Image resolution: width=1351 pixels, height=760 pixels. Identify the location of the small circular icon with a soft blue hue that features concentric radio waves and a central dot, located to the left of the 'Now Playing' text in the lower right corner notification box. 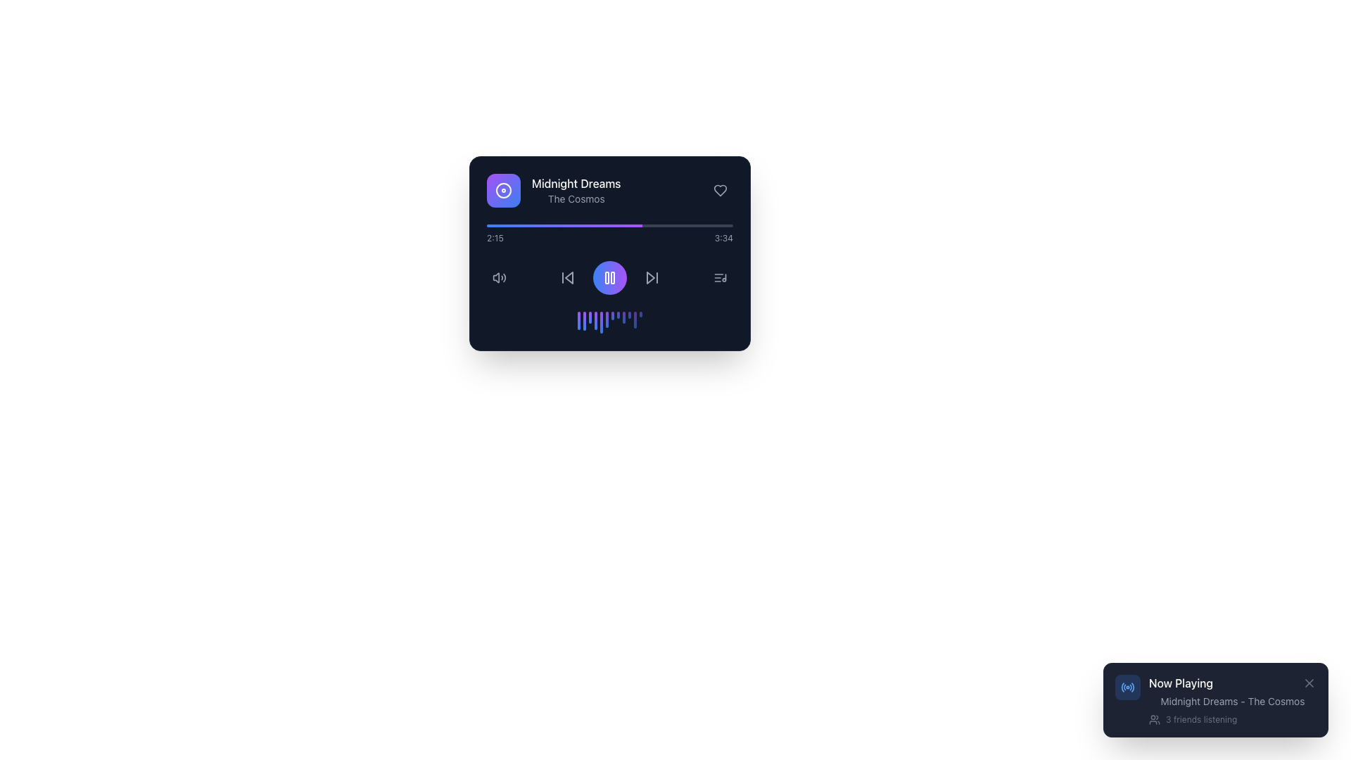
(1128, 686).